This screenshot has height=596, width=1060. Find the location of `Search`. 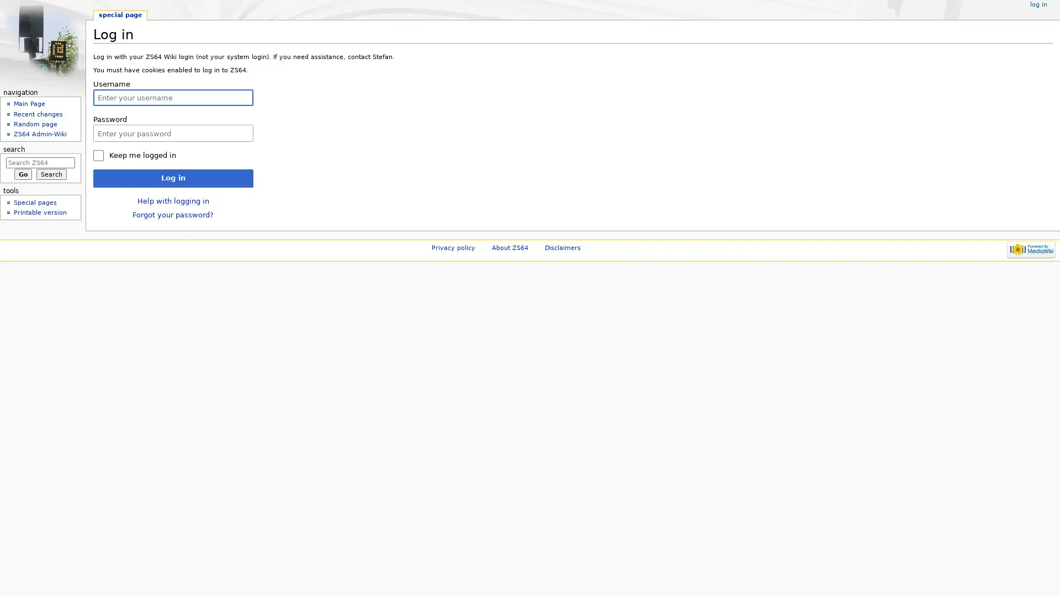

Search is located at coordinates (51, 174).